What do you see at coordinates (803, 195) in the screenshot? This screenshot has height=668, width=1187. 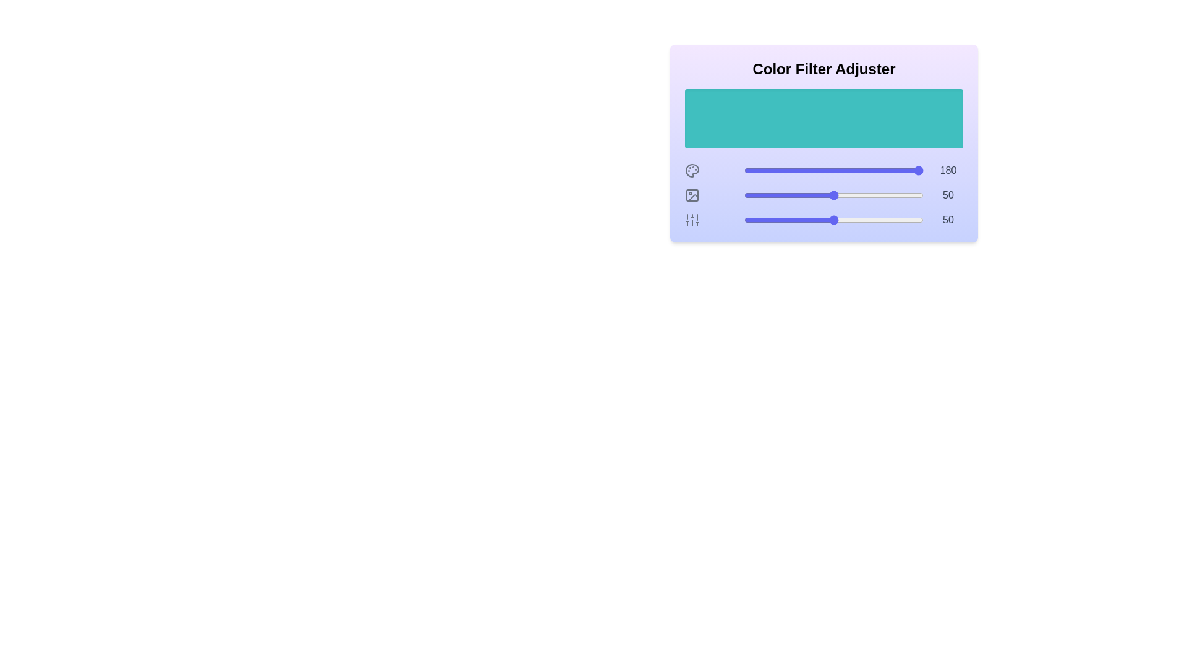 I see `the lightness slider to 33%` at bounding box center [803, 195].